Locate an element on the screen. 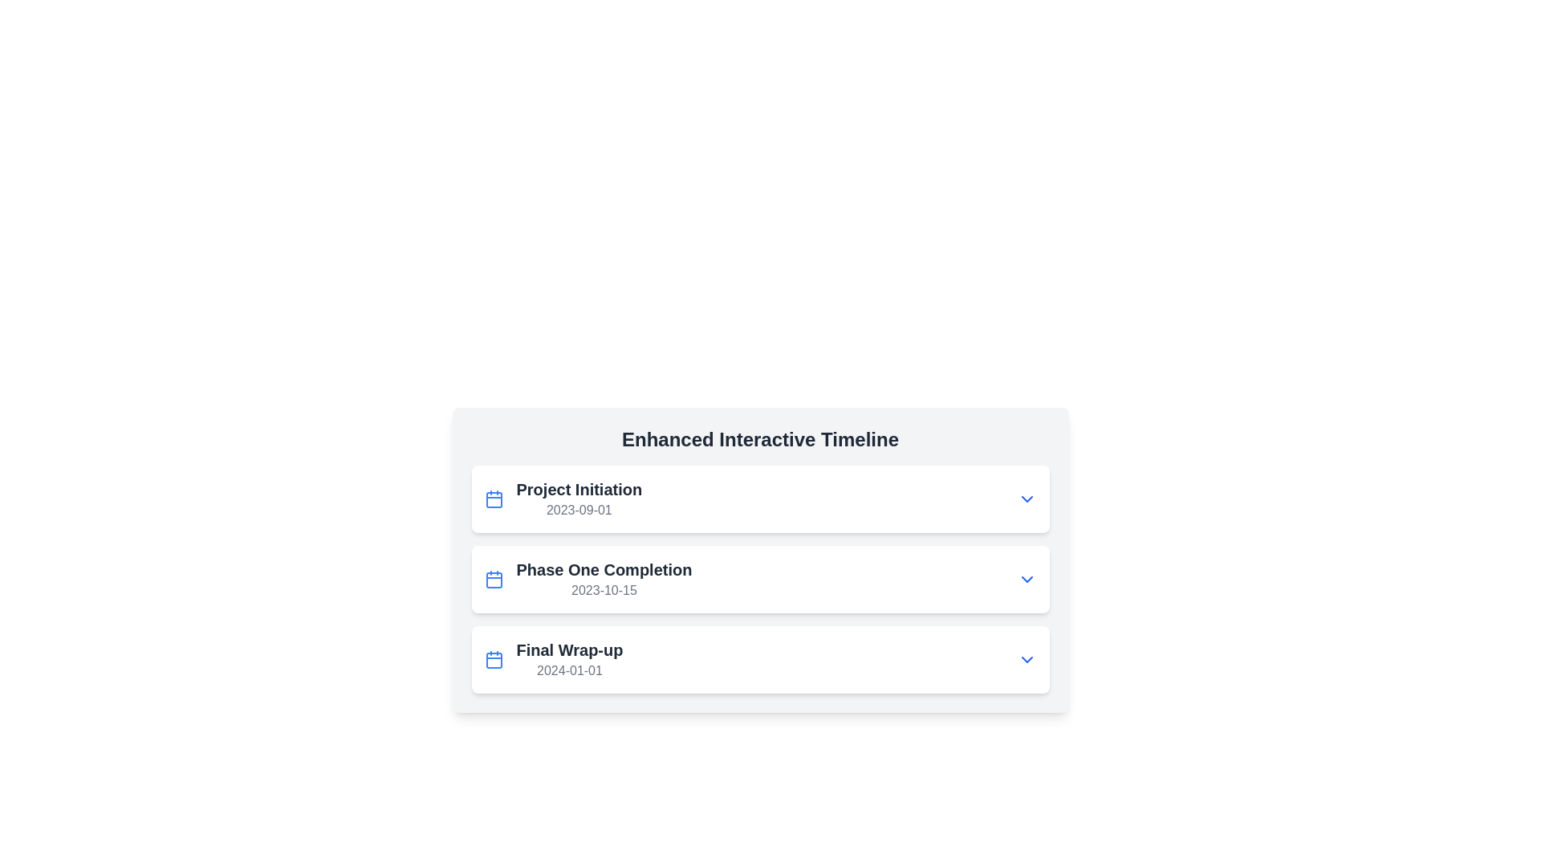  the horizontal item displaying the calendar icon and title 'Phase One Completion', which is the second entry in the timeline events list is located at coordinates (588, 579).